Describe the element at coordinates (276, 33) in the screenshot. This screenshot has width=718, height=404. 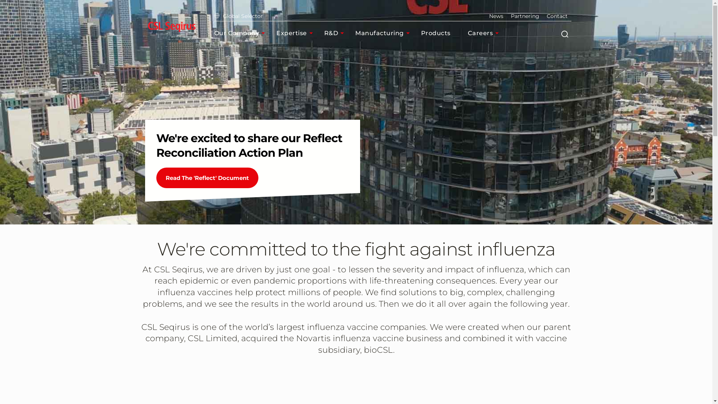
I see `'Expertise'` at that location.